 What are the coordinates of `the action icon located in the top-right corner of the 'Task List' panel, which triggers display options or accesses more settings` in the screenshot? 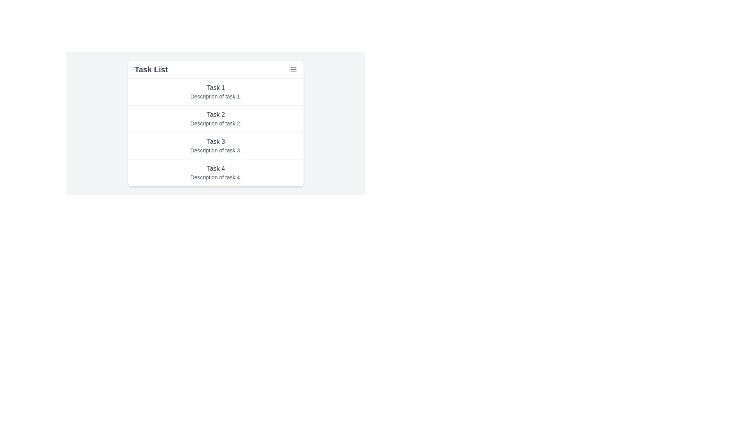 It's located at (292, 69).